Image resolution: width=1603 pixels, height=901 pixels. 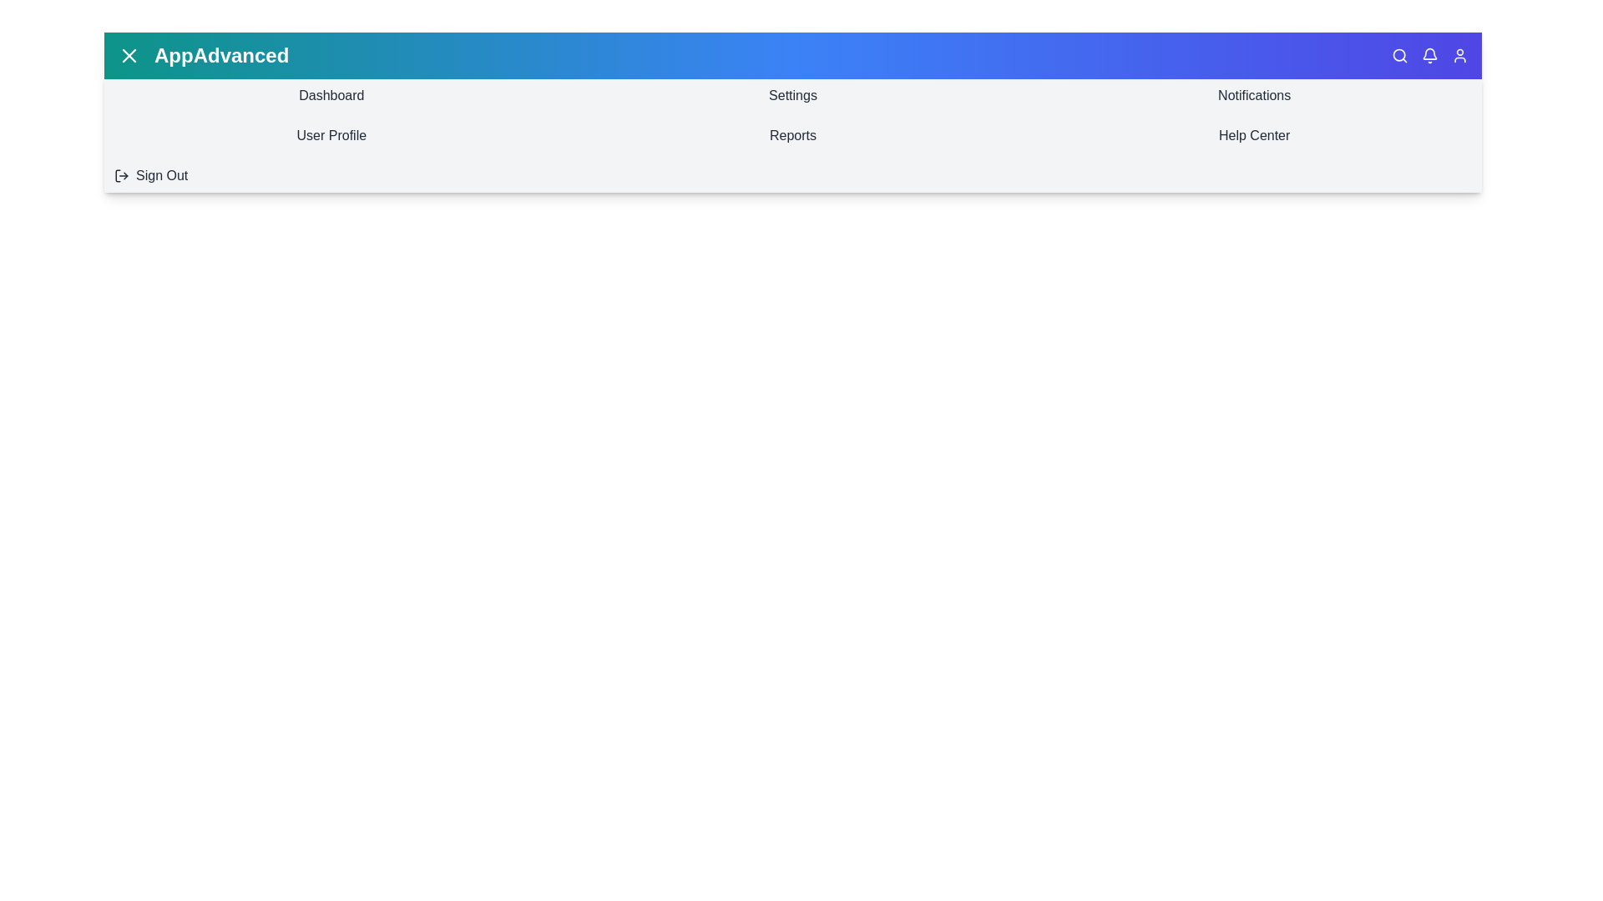 What do you see at coordinates (128, 54) in the screenshot?
I see `the button with the X icon to toggle the menu visibility` at bounding box center [128, 54].